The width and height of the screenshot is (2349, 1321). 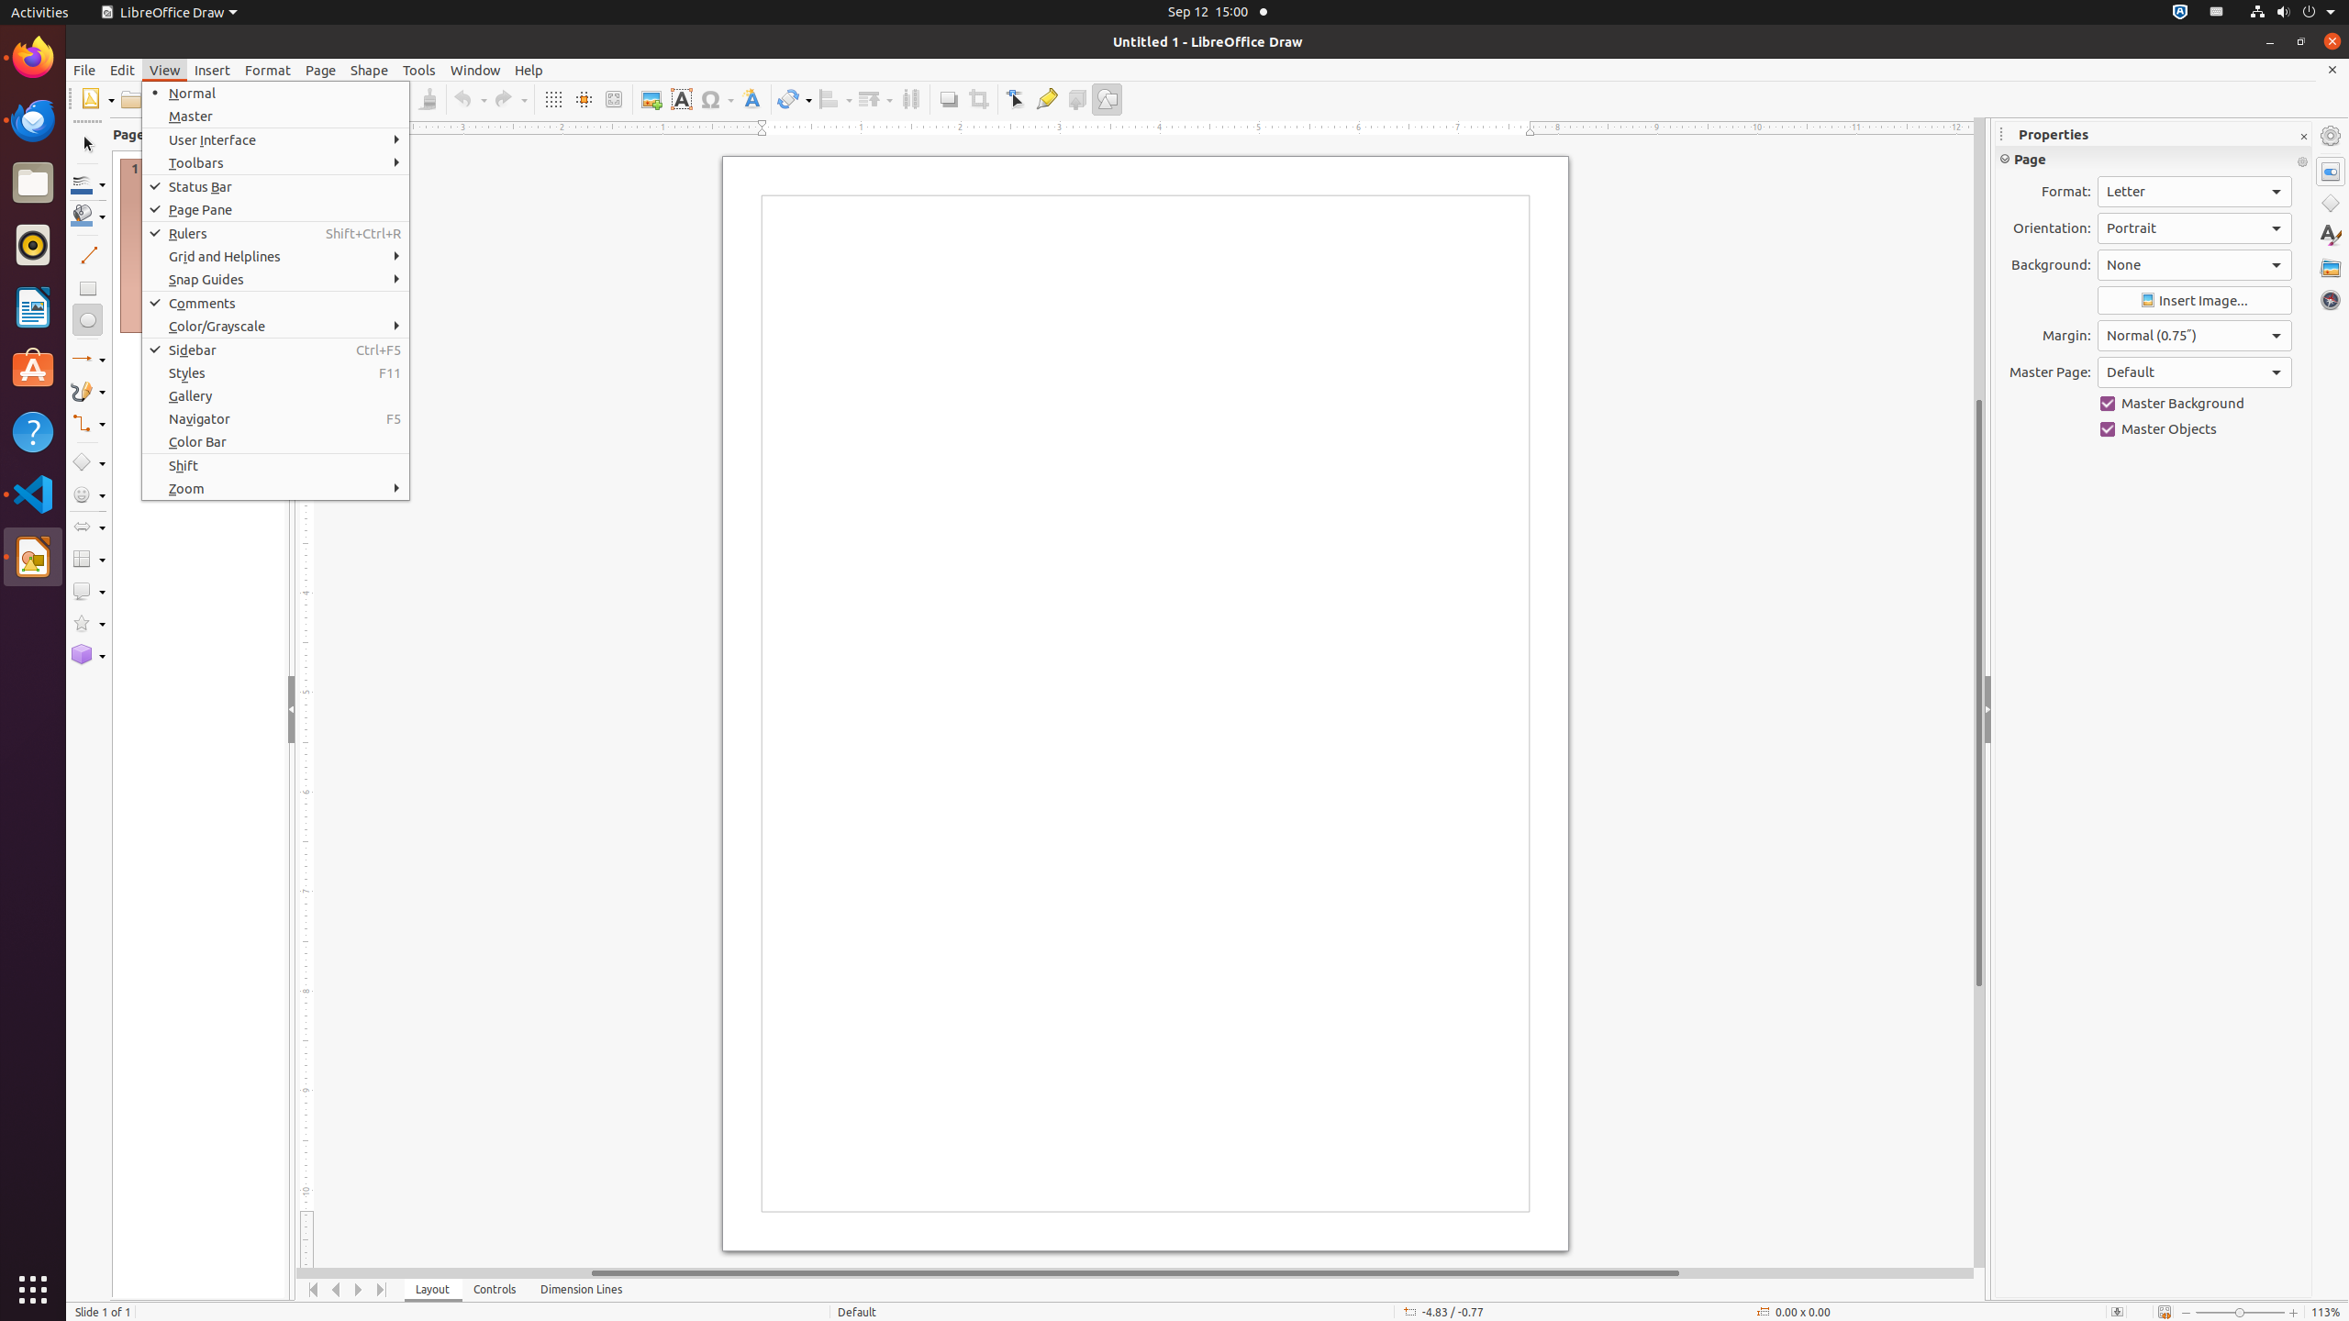 I want to click on 'Move To Home', so click(x=313, y=1289).